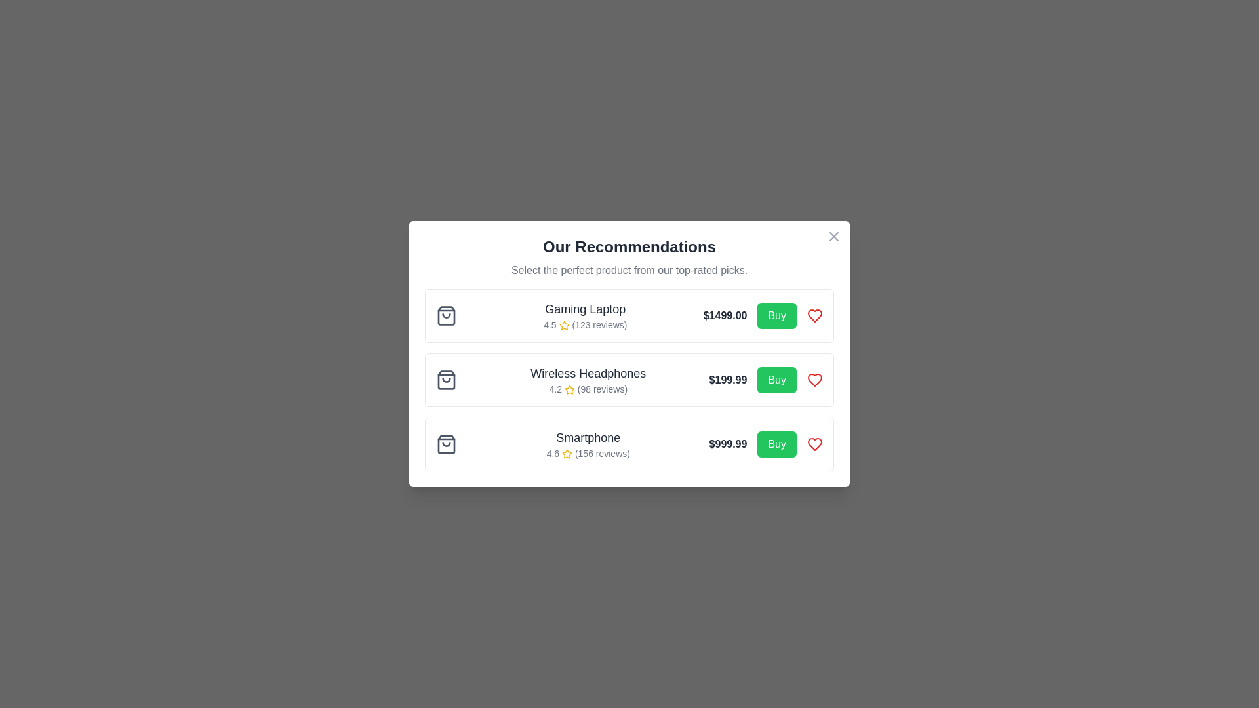 The width and height of the screenshot is (1259, 708). Describe the element at coordinates (588, 374) in the screenshot. I see `the product title label in the recommendation list, positioned at the center among three items` at that location.